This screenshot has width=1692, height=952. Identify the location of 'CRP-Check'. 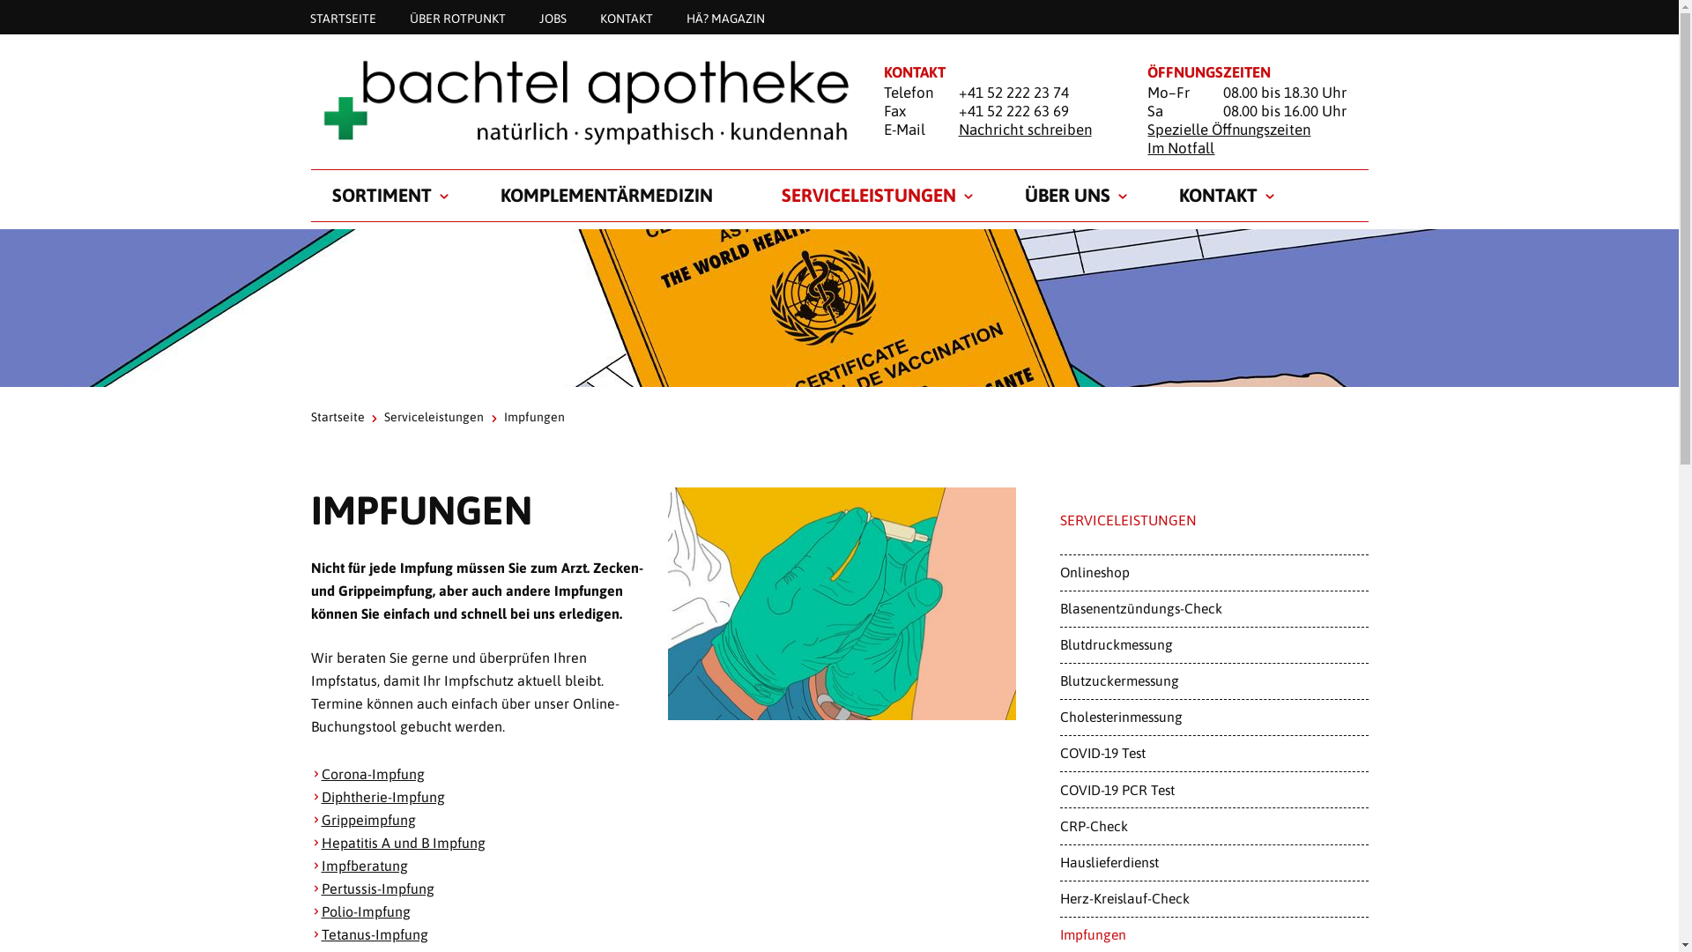
(1213, 826).